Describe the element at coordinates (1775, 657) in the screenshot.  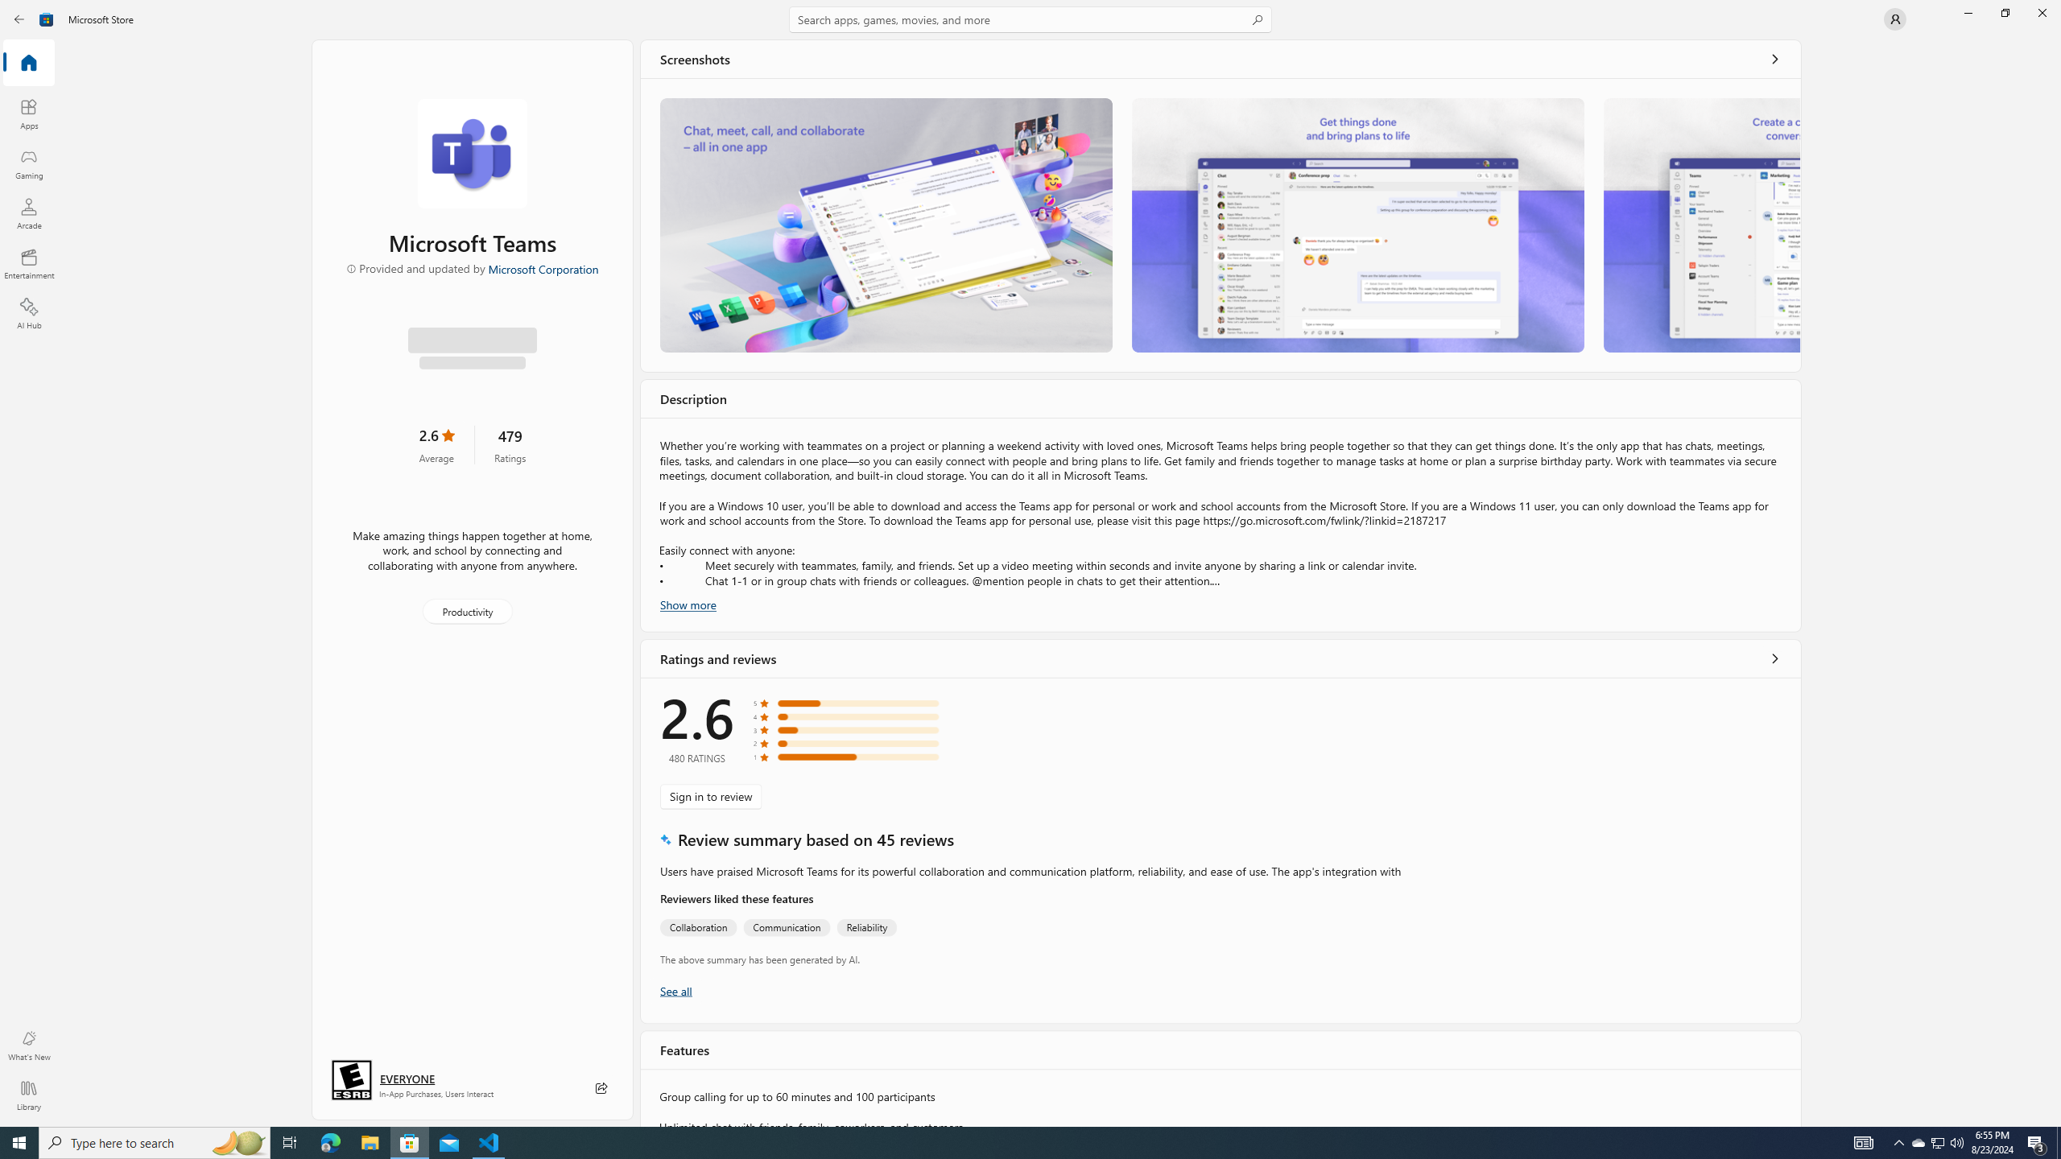
I see `'Show all ratings and reviews'` at that location.